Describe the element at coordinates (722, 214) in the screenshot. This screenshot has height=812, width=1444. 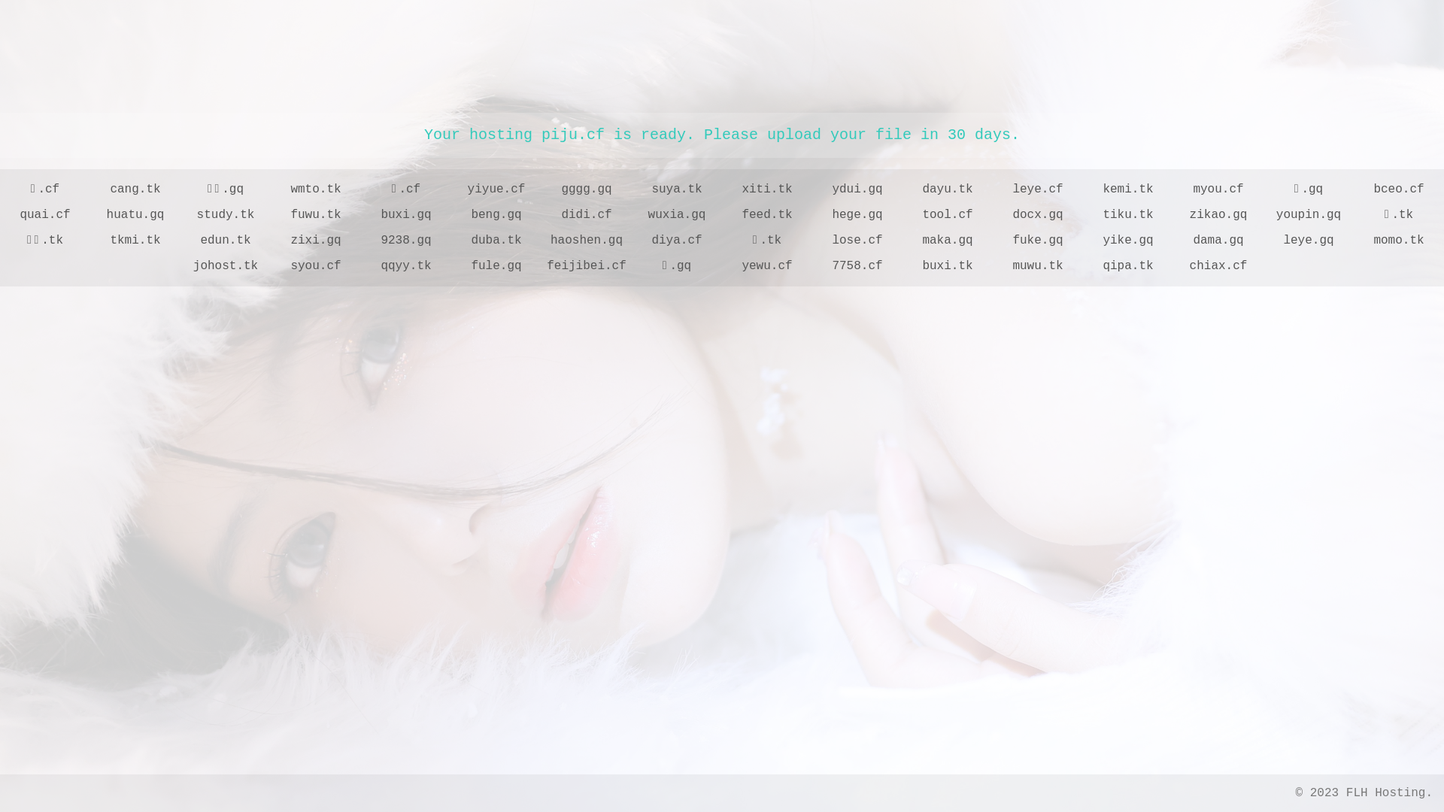
I see `'feed.tk'` at that location.